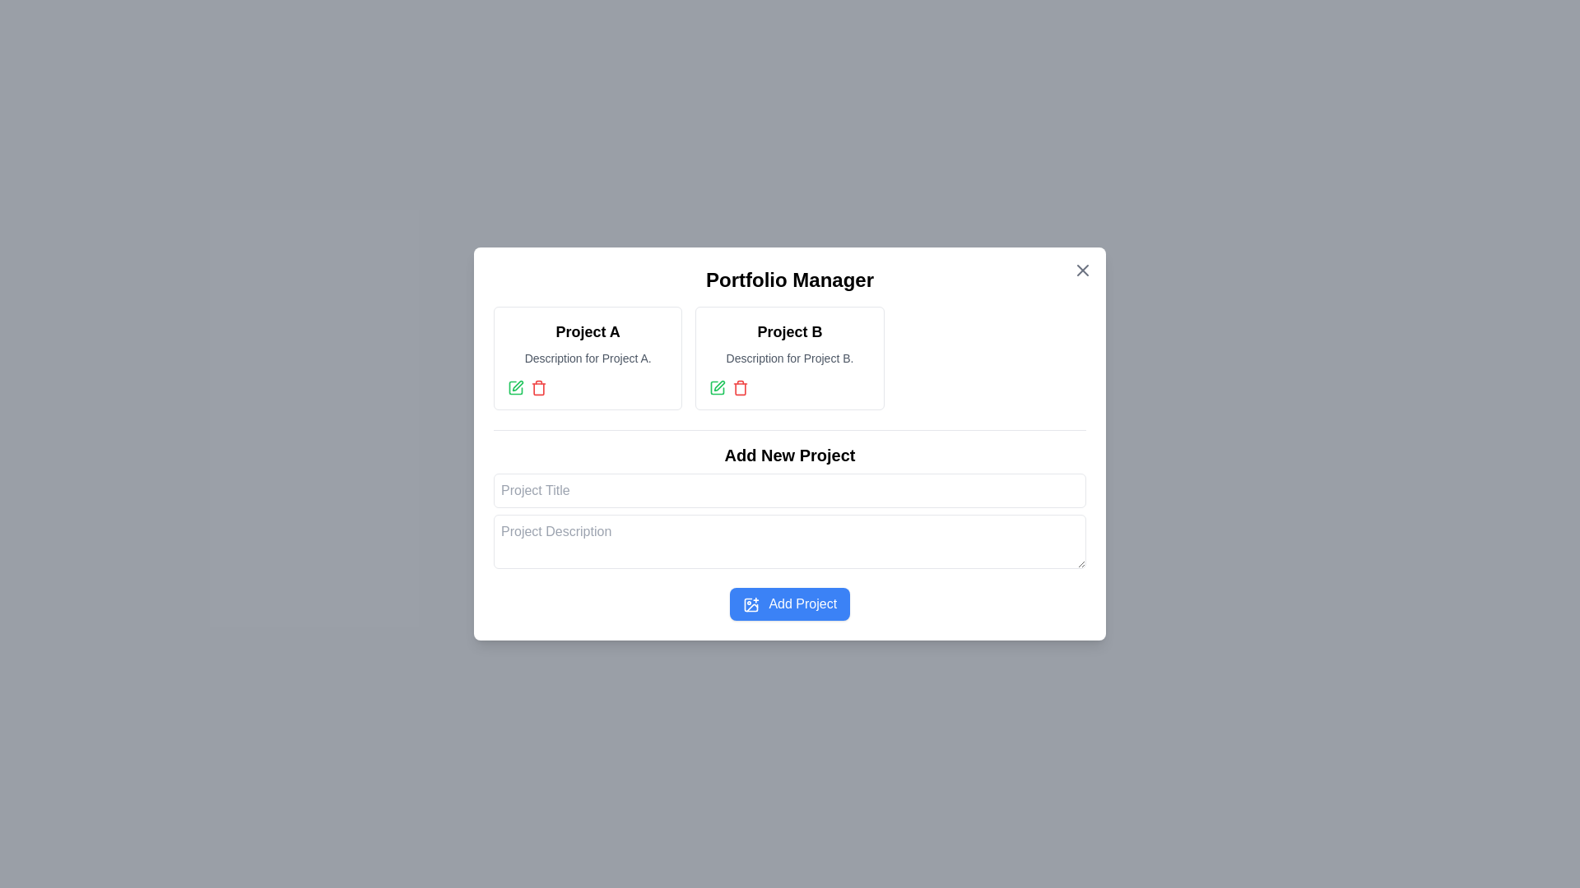 The width and height of the screenshot is (1580, 888). I want to click on the non-interactive title or label that indicates where users can add a new project, which is positioned above the input fields for project title and description, so click(790, 456).